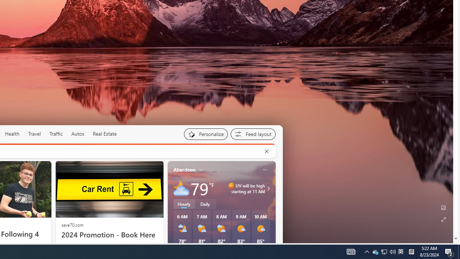 The height and width of the screenshot is (259, 460). Describe the element at coordinates (12, 134) in the screenshot. I see `'Health'` at that location.